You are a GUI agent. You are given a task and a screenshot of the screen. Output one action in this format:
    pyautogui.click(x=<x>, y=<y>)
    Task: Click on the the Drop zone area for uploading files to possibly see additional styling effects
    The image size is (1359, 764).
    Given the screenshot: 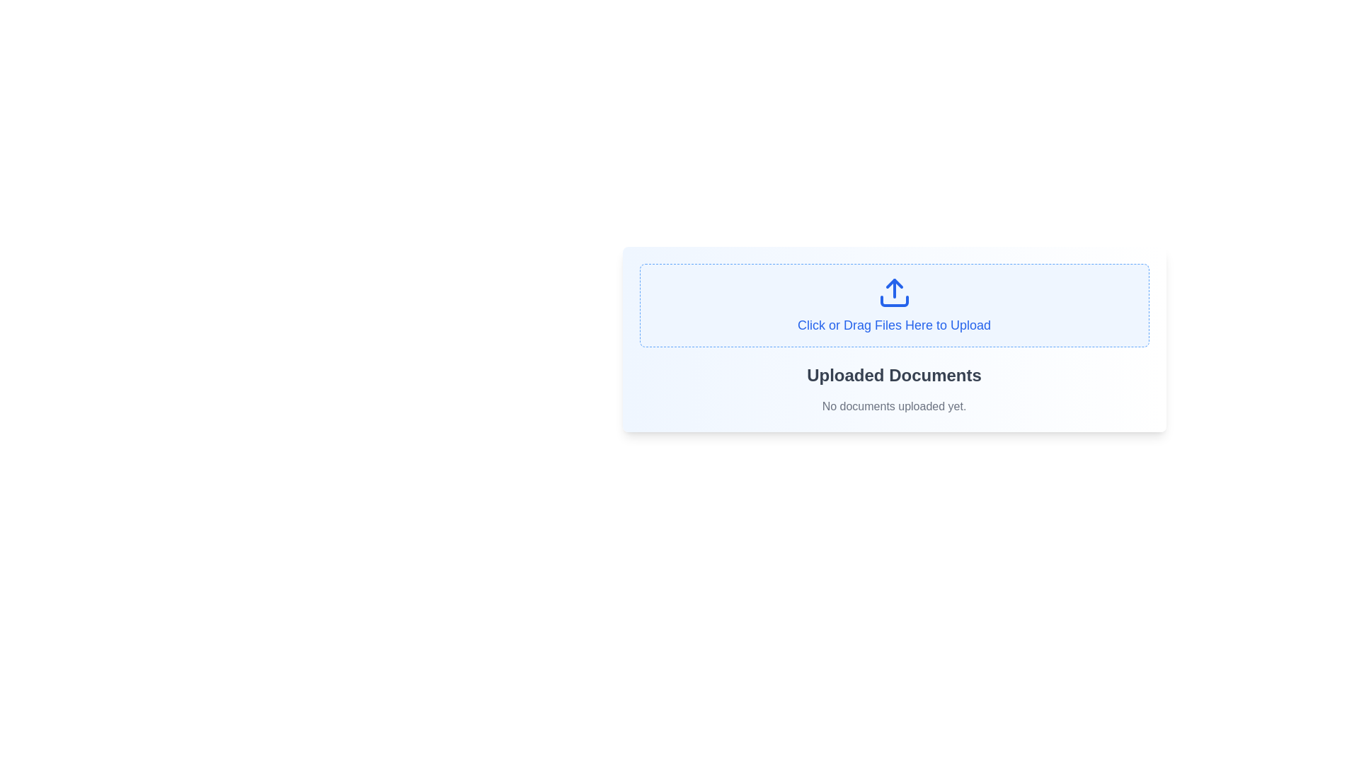 What is the action you would take?
    pyautogui.click(x=893, y=305)
    